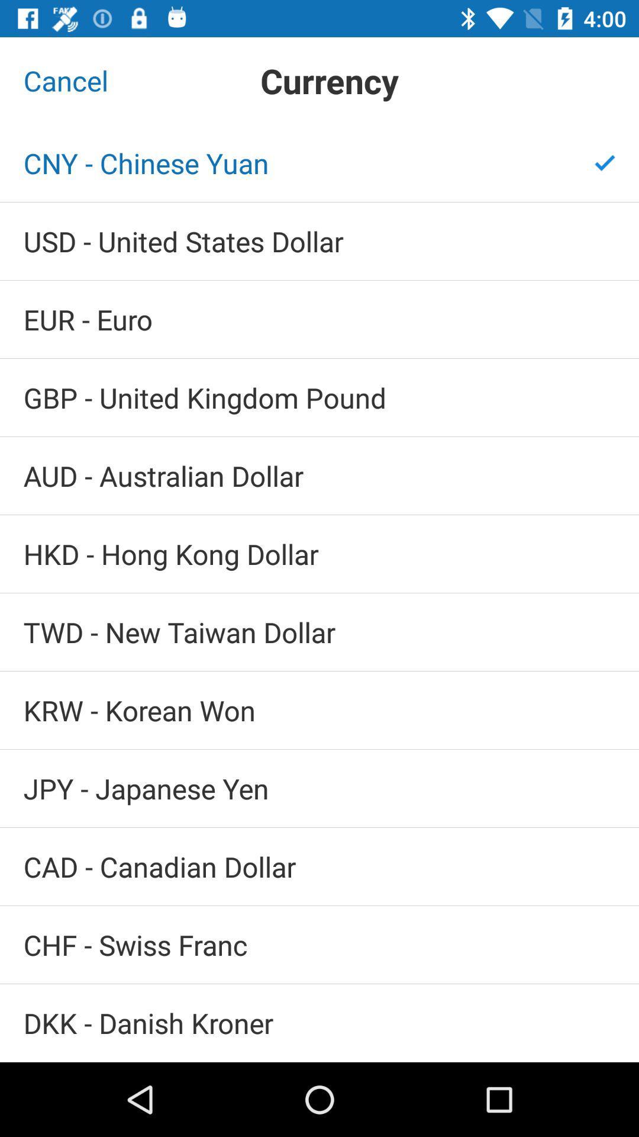  What do you see at coordinates (319, 944) in the screenshot?
I see `the item below cad - canadian dollar icon` at bounding box center [319, 944].